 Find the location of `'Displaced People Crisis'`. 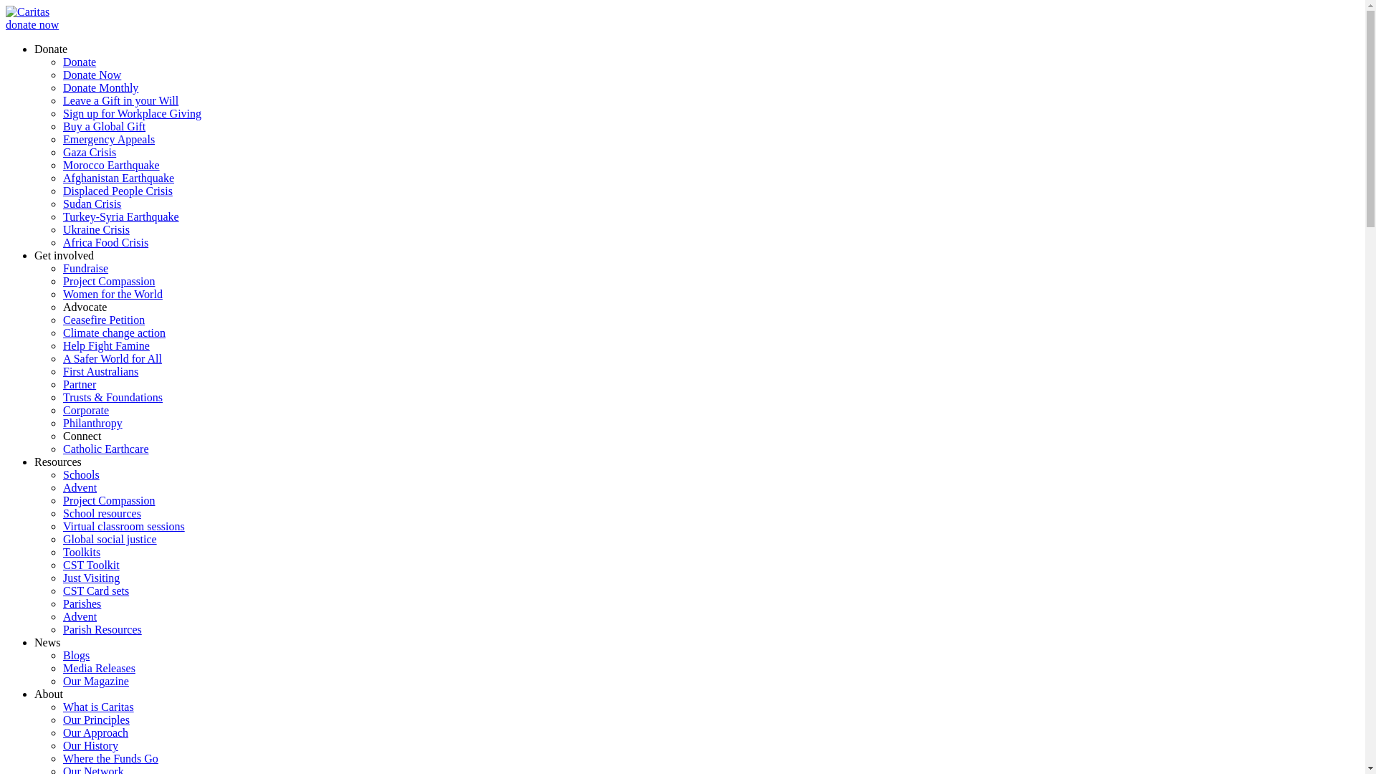

'Displaced People Crisis' is located at coordinates (118, 190).